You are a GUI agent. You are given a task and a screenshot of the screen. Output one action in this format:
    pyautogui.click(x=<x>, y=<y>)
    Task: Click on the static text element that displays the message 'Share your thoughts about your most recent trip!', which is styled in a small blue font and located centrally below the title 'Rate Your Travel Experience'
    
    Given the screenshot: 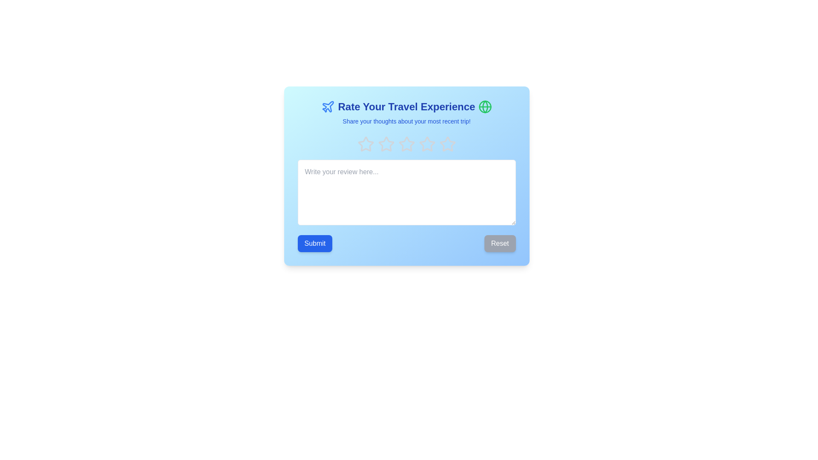 What is the action you would take?
    pyautogui.click(x=406, y=121)
    